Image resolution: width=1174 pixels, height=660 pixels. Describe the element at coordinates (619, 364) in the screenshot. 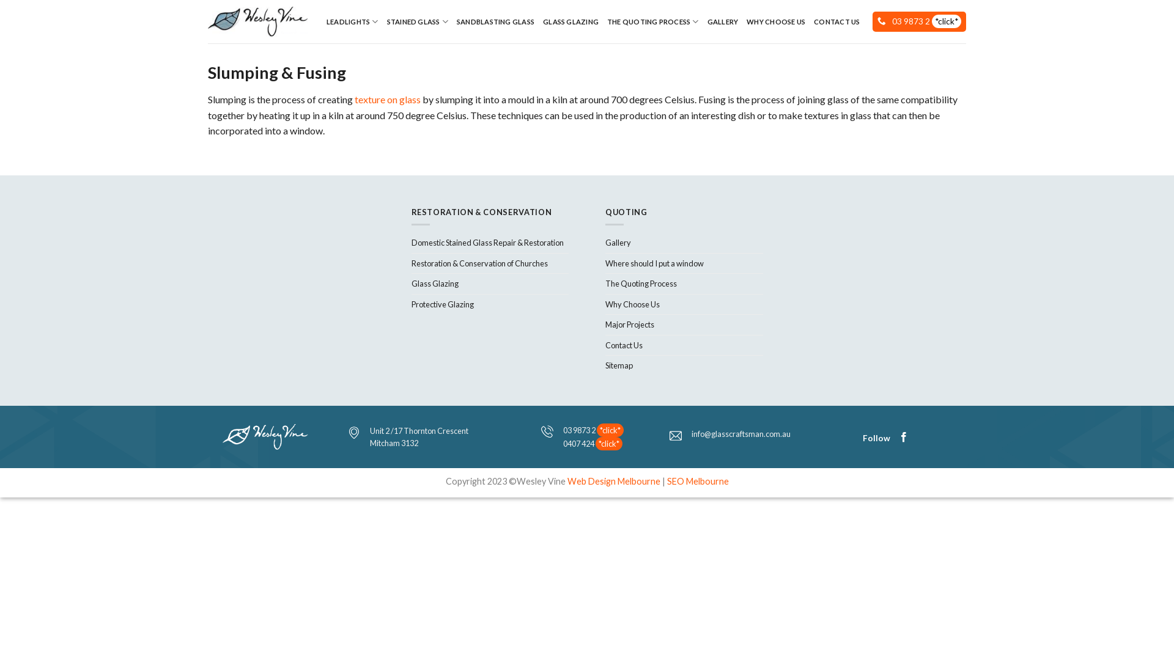

I see `'Sitemap'` at that location.